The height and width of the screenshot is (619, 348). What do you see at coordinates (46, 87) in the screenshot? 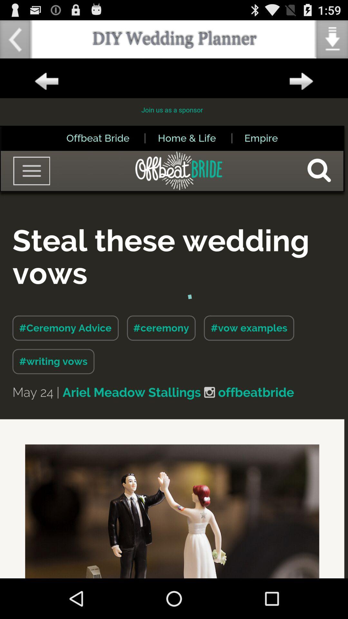
I see `the arrow_backward icon` at bounding box center [46, 87].